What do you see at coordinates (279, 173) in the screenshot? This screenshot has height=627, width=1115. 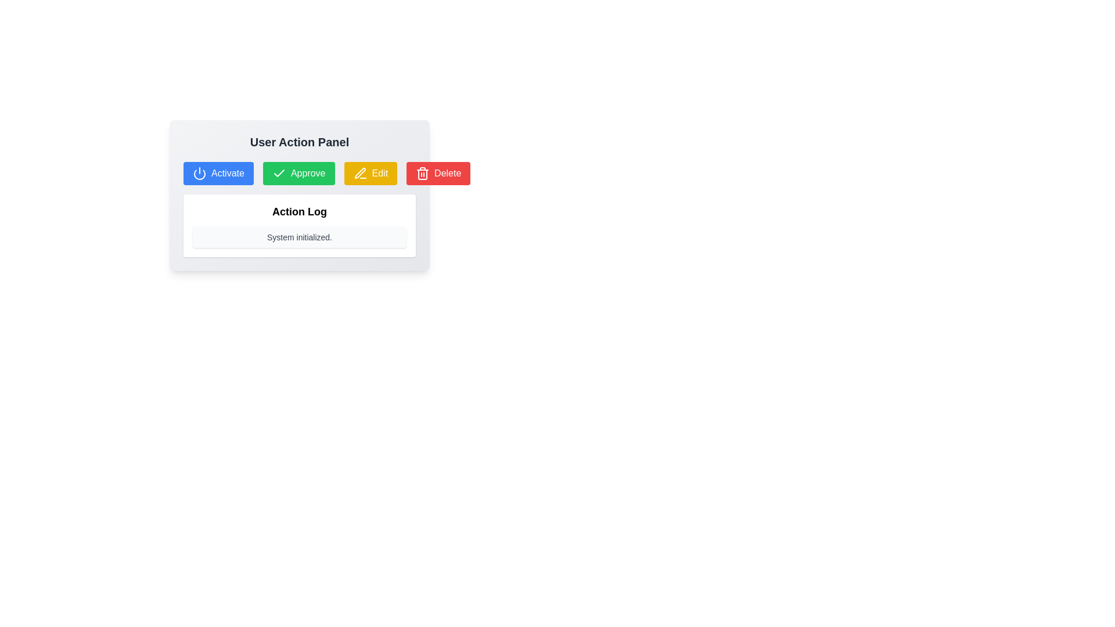 I see `the green 'Approve' icon` at bounding box center [279, 173].